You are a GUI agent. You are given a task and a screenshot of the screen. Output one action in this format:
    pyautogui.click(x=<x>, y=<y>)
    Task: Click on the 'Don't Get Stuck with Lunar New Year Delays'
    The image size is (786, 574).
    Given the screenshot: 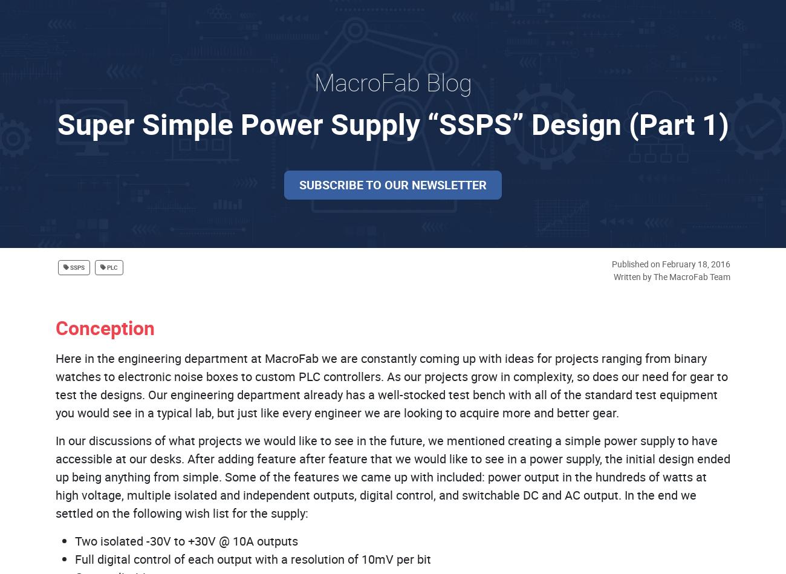 What is the action you would take?
    pyautogui.click(x=265, y=520)
    